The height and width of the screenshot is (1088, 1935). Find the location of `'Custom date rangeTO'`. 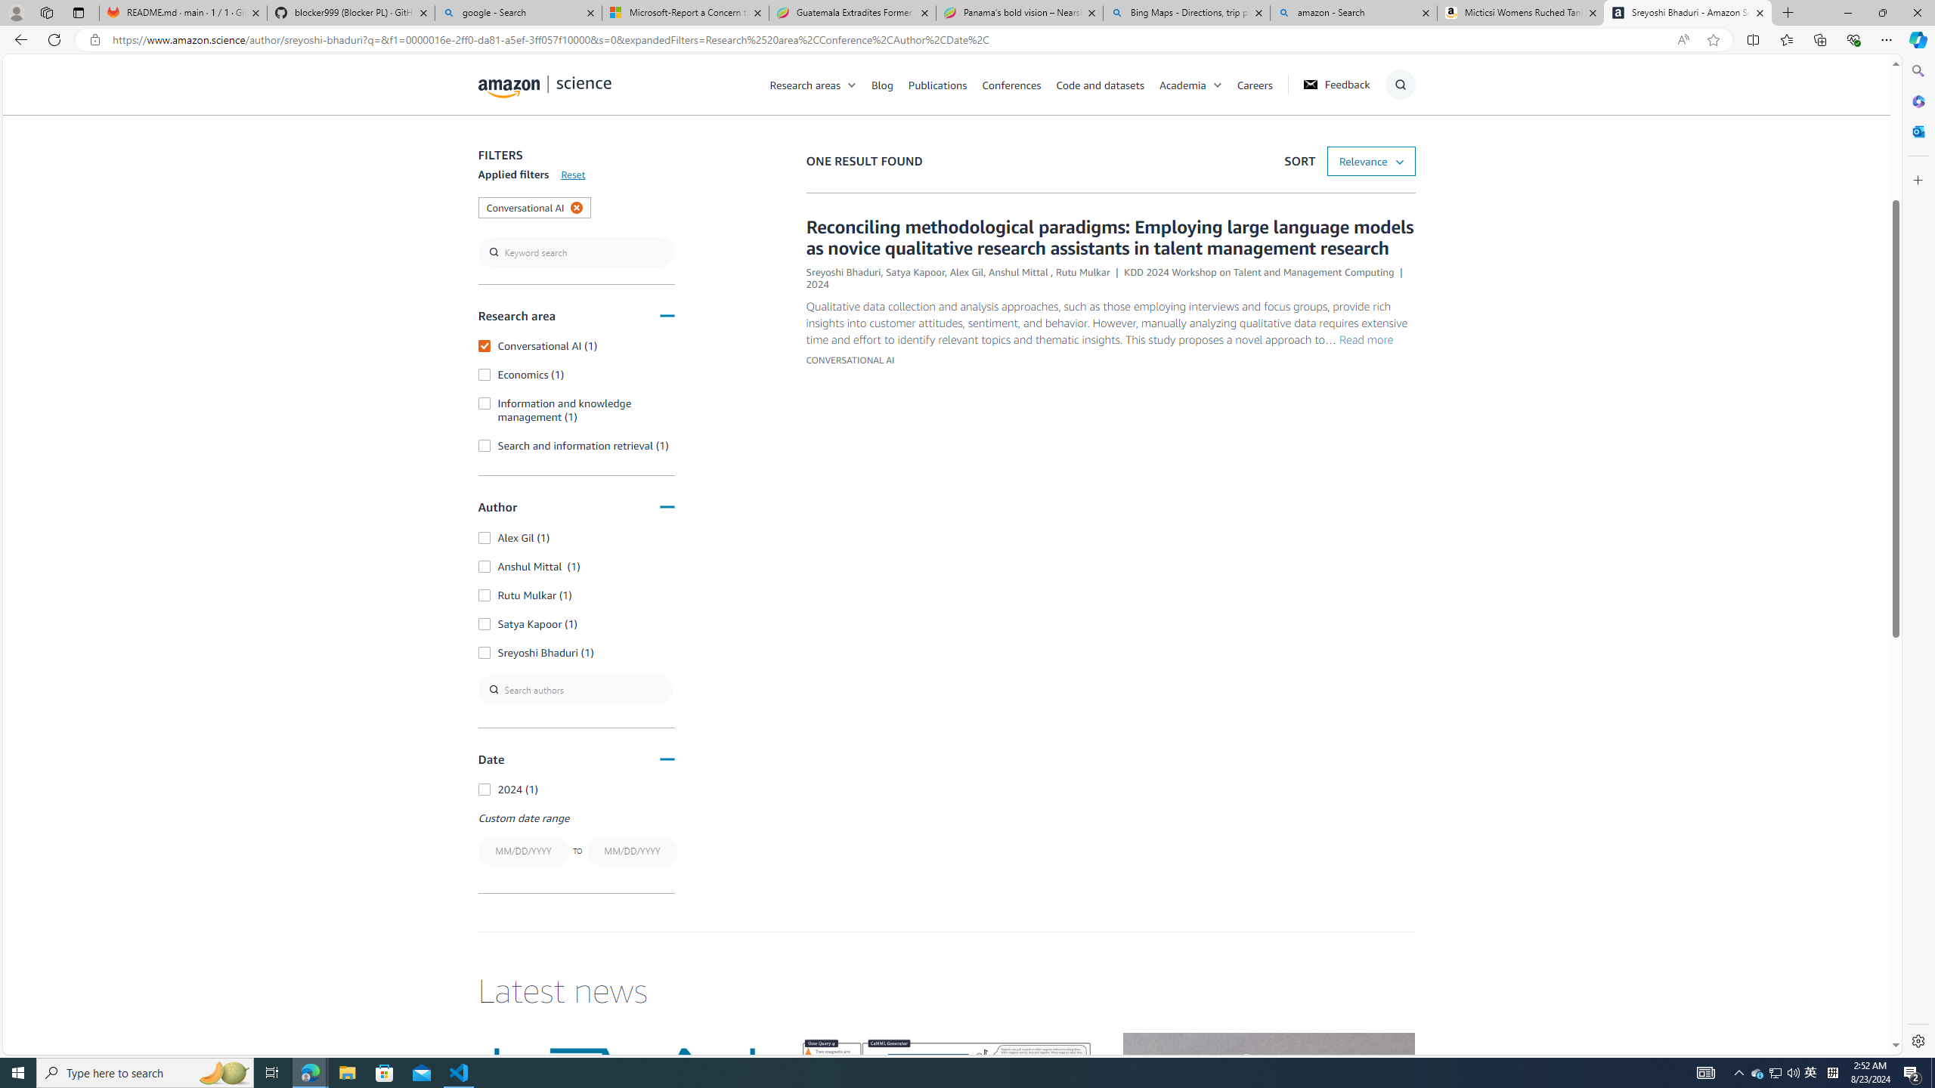

'Custom date rangeTO' is located at coordinates (576, 839).